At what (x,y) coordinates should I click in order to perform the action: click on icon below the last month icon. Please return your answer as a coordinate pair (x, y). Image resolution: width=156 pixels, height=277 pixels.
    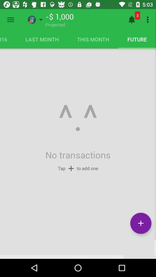
    Looking at the image, I should click on (78, 118).